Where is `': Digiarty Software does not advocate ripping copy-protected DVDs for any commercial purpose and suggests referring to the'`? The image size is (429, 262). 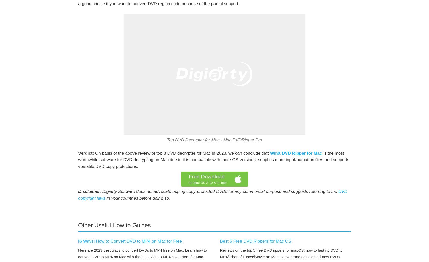
': Digiarty Software does not advocate ripping copy-protected DVDs for any commercial purpose and suggests referring to the' is located at coordinates (219, 191).